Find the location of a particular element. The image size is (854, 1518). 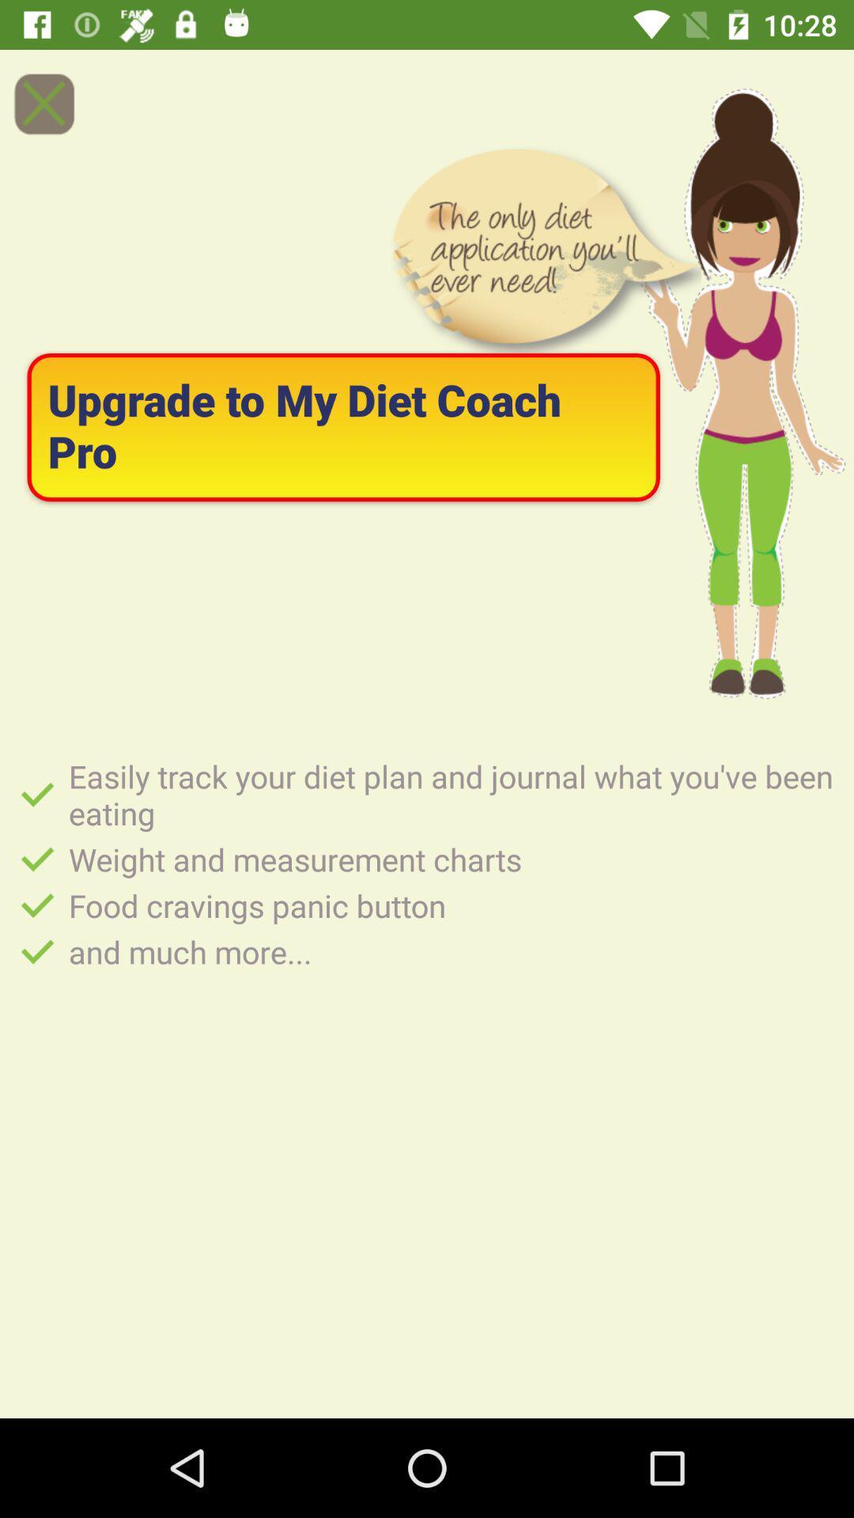

upgrade to my icon is located at coordinates (342, 427).